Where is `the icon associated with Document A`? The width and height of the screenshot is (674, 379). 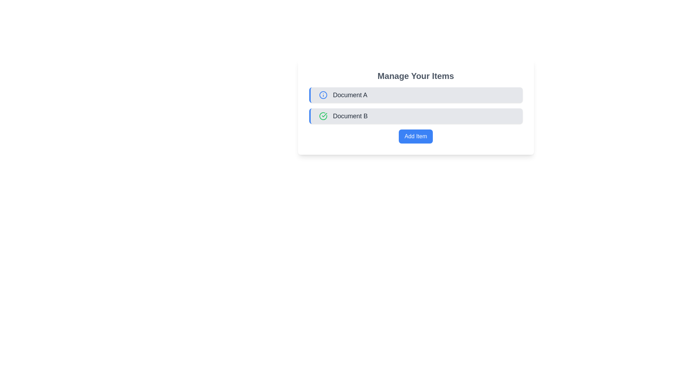
the icon associated with Document A is located at coordinates (323, 95).